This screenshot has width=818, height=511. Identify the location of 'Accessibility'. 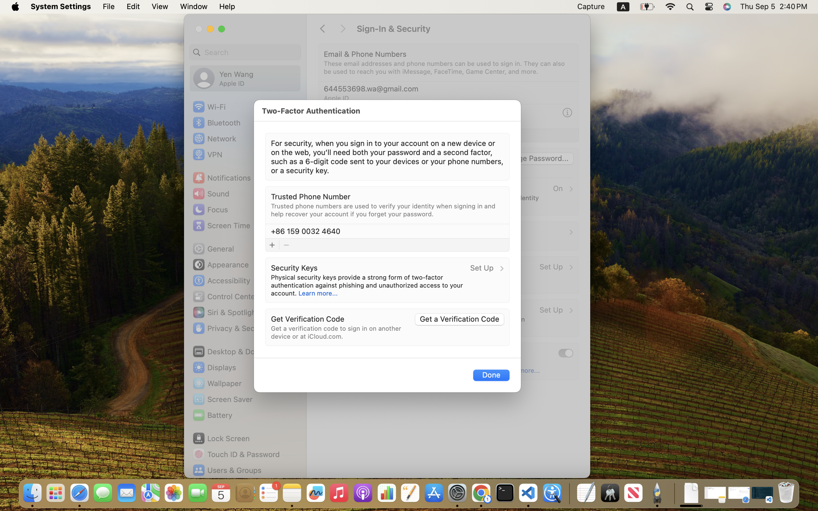
(221, 281).